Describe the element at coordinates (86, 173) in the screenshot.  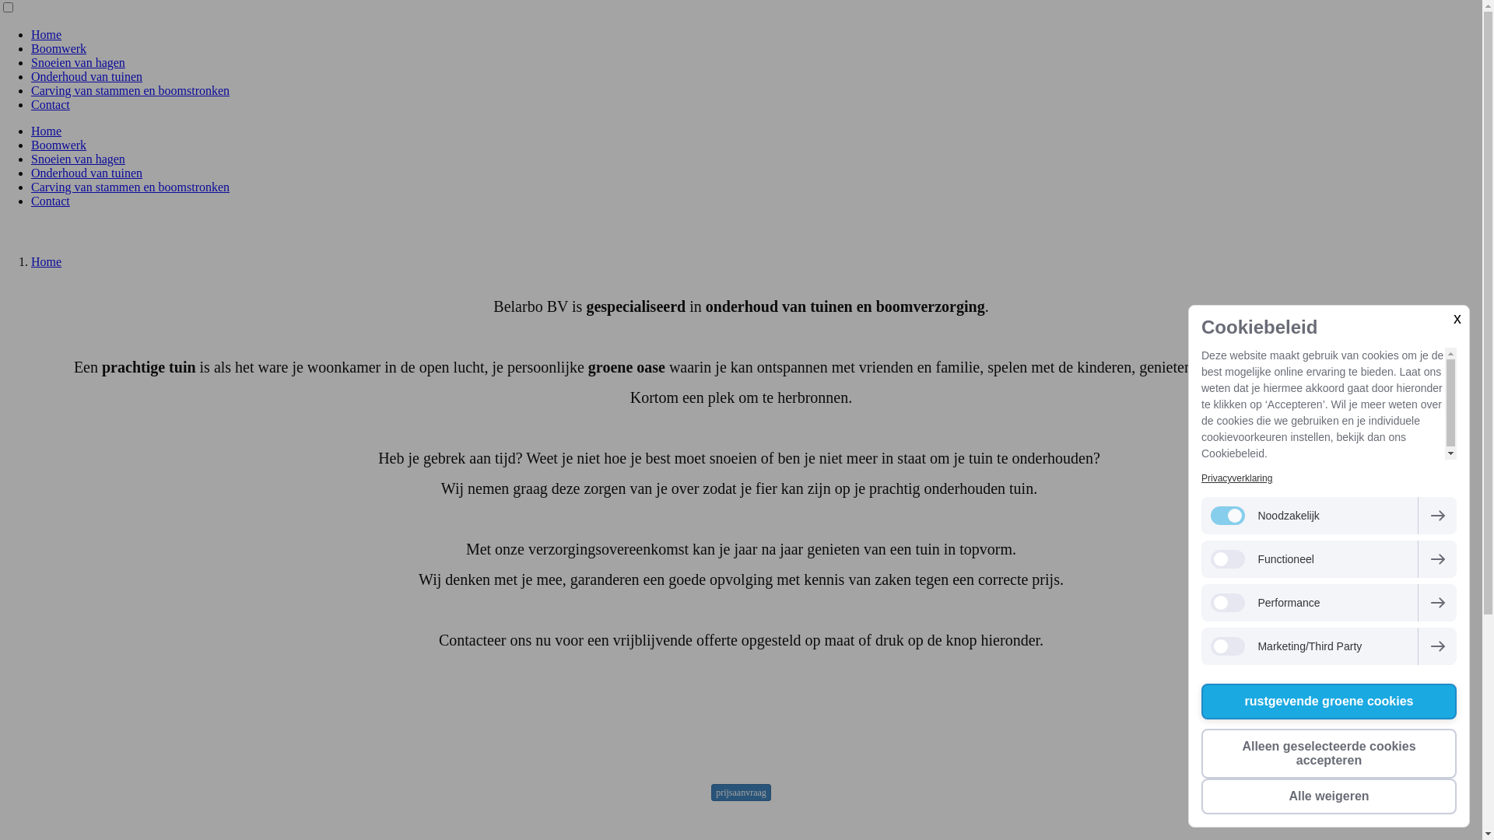
I see `'Onderhoud van tuinen'` at that location.